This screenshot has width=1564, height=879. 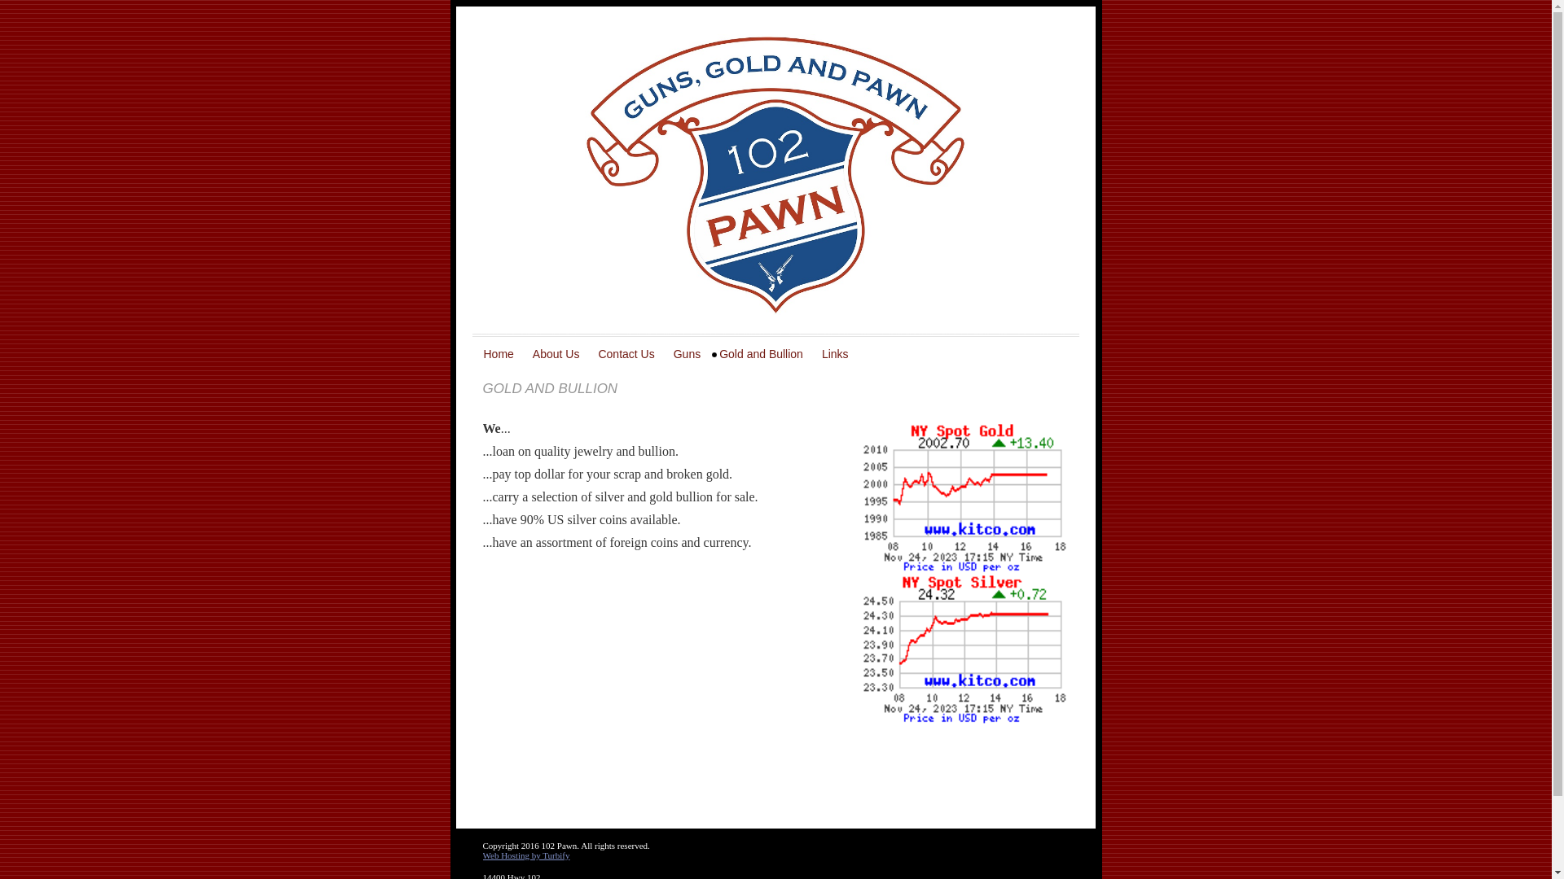 I want to click on 'Links', so click(x=837, y=353).